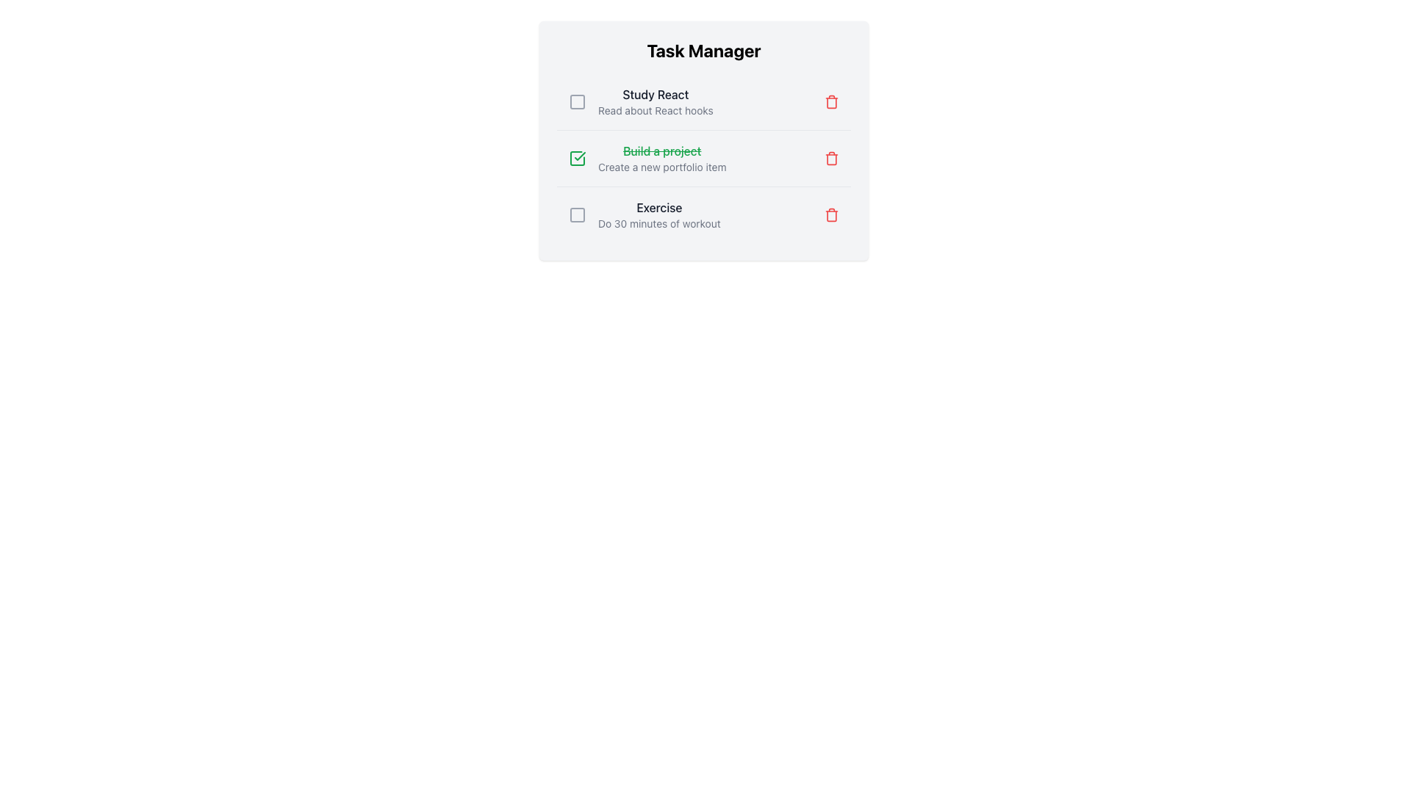 The image size is (1411, 793). Describe the element at coordinates (832, 159) in the screenshot. I see `the delete button for the task labeled 'Build a project'` at that location.